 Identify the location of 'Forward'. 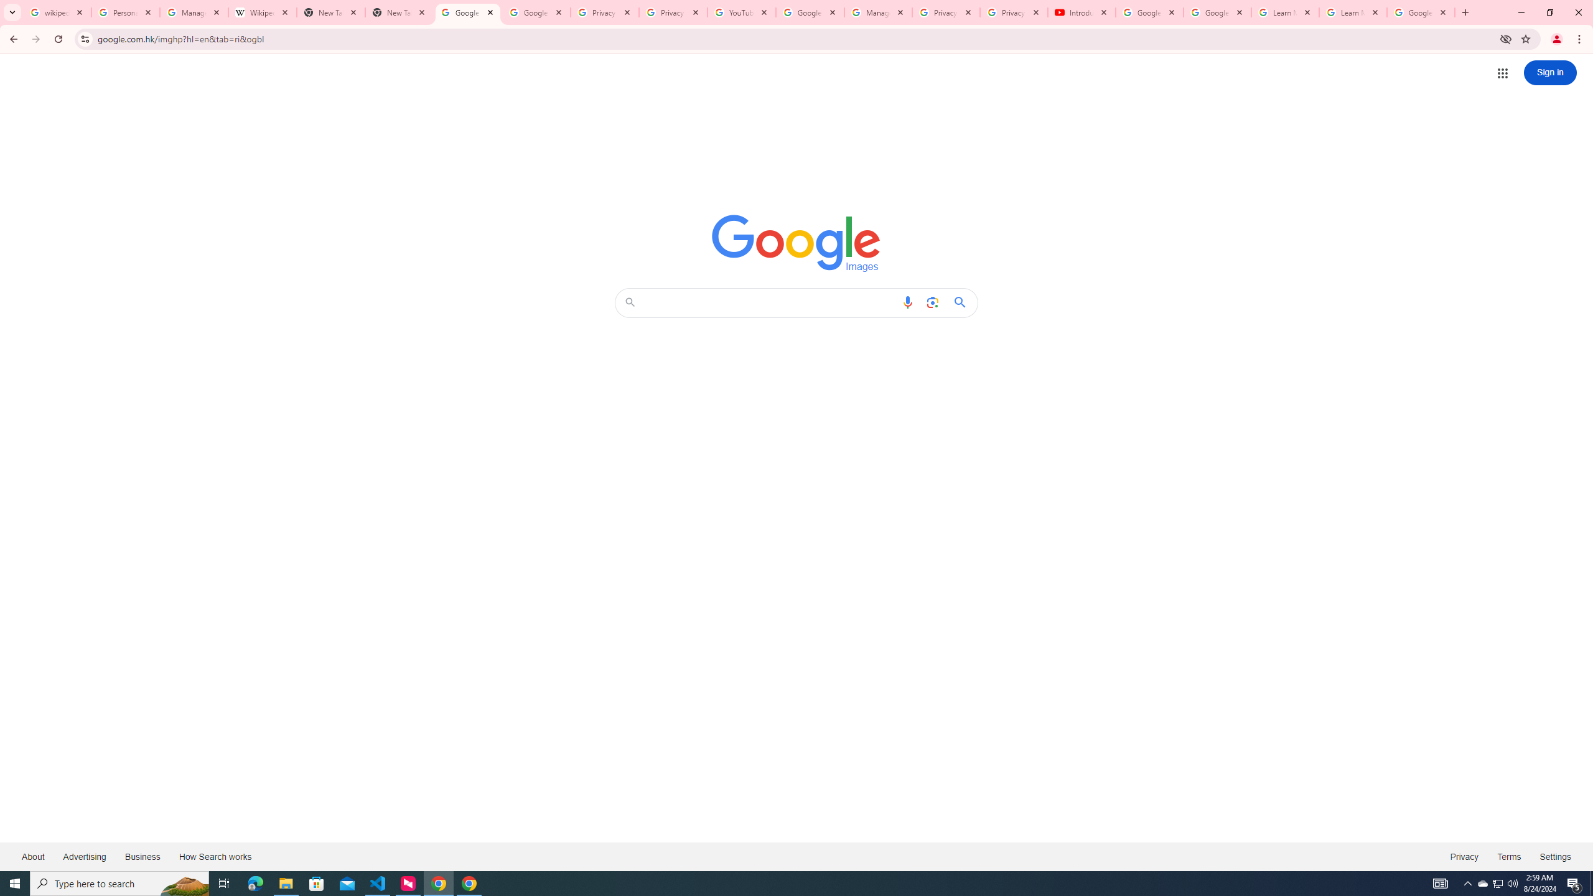
(35, 39).